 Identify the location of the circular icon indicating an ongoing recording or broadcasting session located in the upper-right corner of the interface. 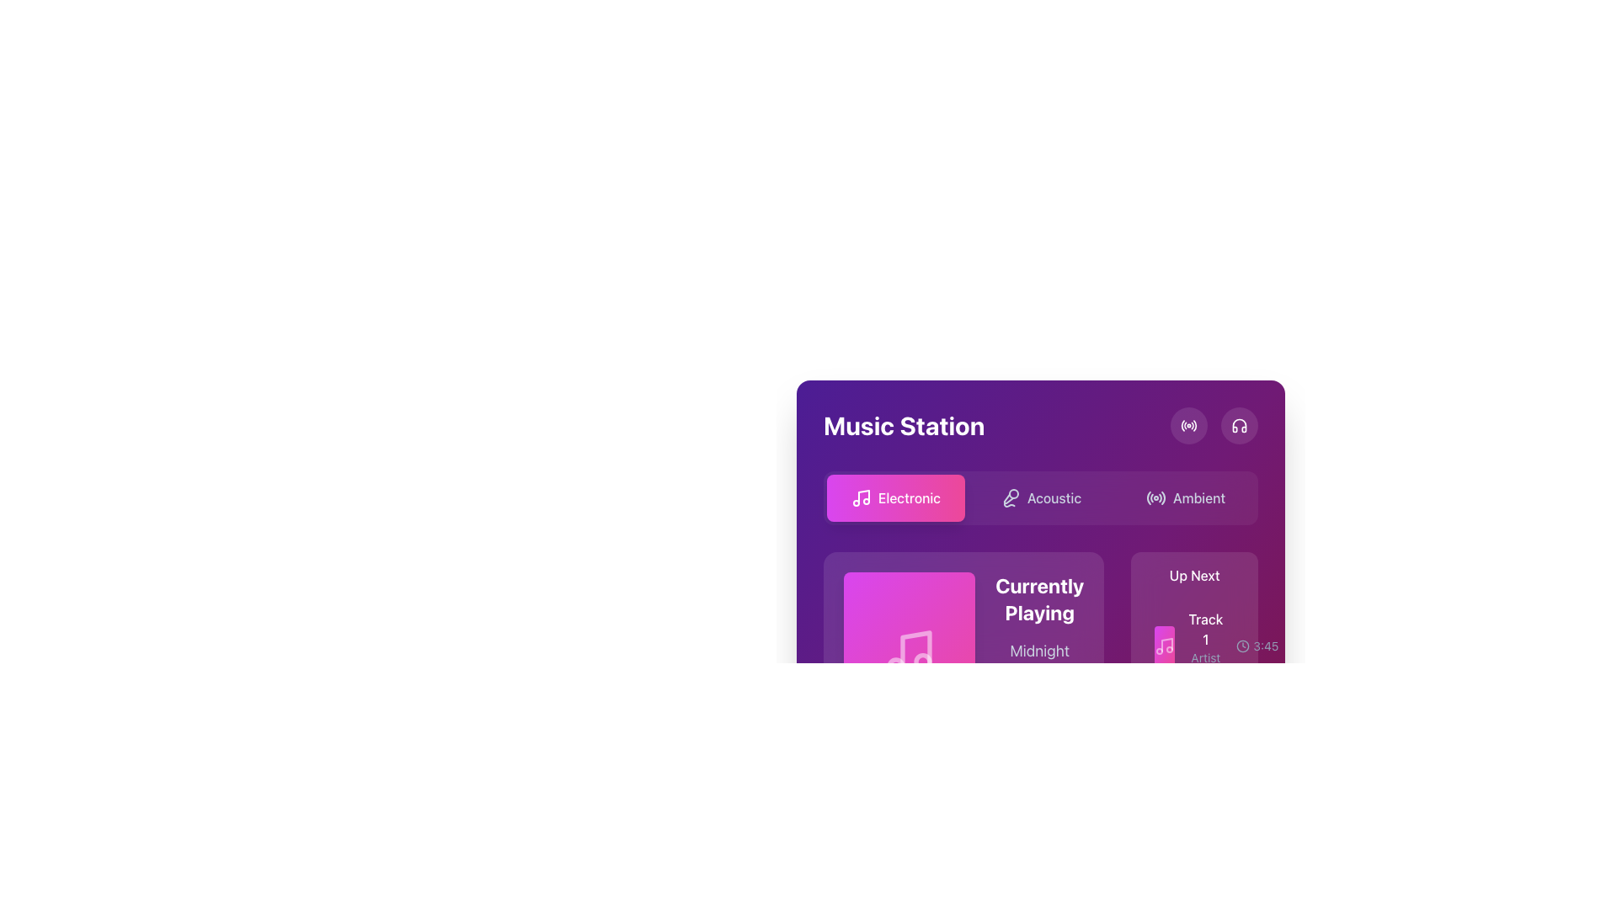
(1187, 424).